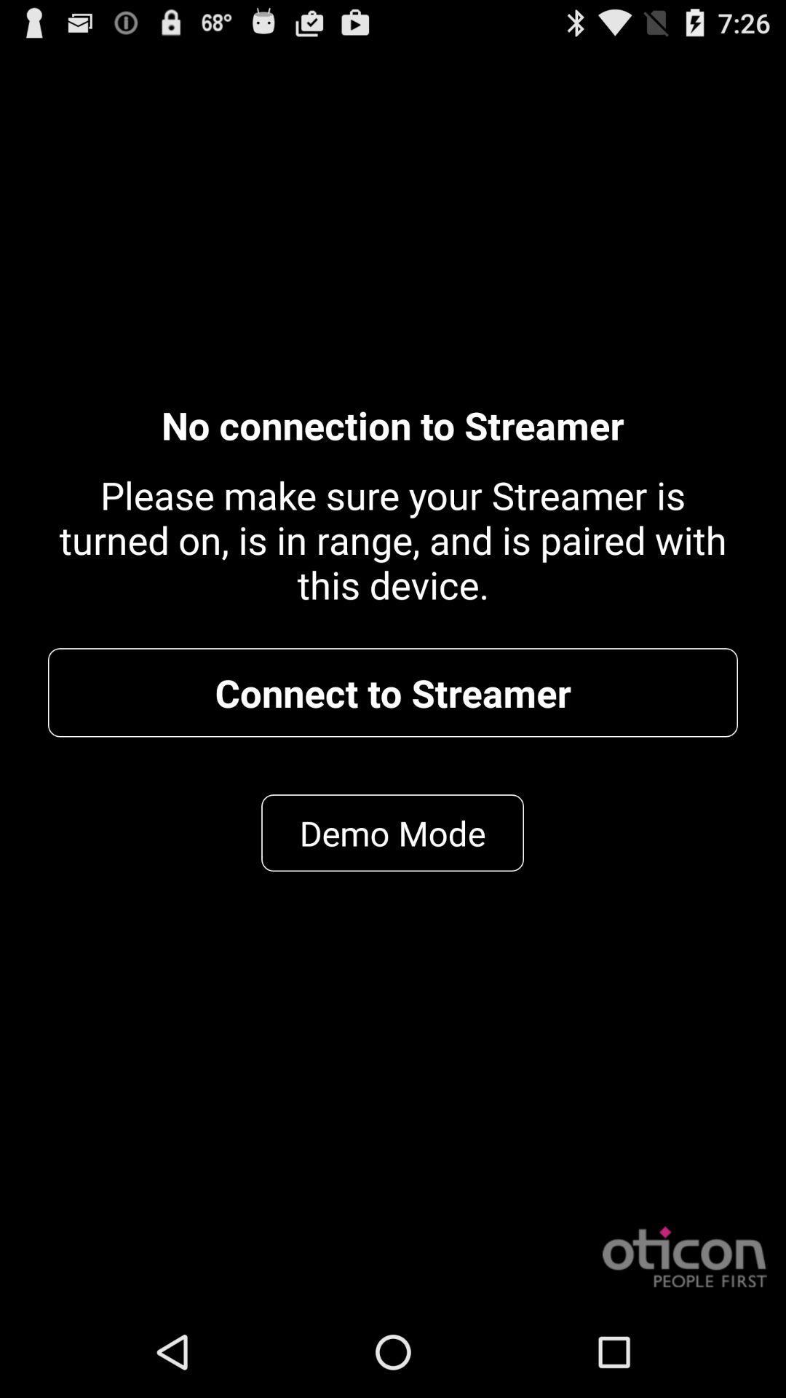 This screenshot has height=1398, width=786. Describe the element at coordinates (392, 833) in the screenshot. I see `the demo mode item` at that location.